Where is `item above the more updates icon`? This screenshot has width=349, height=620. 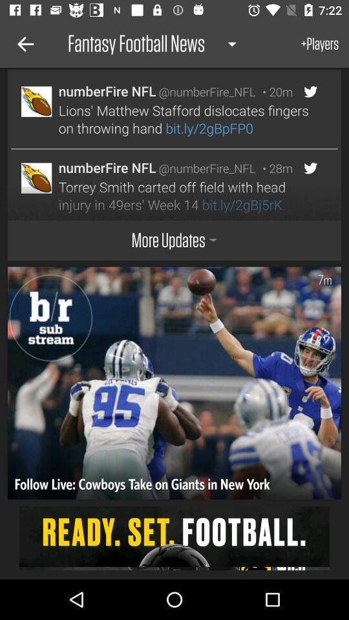 item above the more updates icon is located at coordinates (169, 184).